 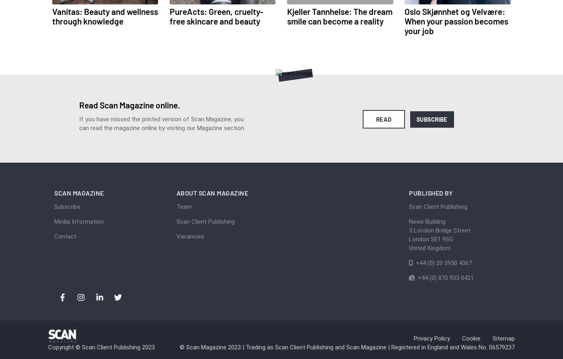 What do you see at coordinates (404, 21) in the screenshot?
I see `'Oslo Skjønnhet og Velvære: When your passion becomes your job'` at bounding box center [404, 21].